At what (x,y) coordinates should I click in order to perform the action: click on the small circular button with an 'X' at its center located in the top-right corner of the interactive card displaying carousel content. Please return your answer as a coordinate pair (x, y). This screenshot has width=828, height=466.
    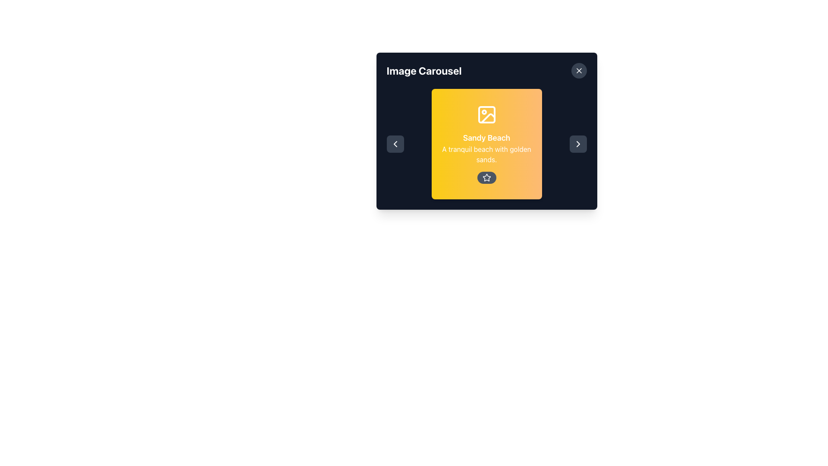
    Looking at the image, I should click on (579, 70).